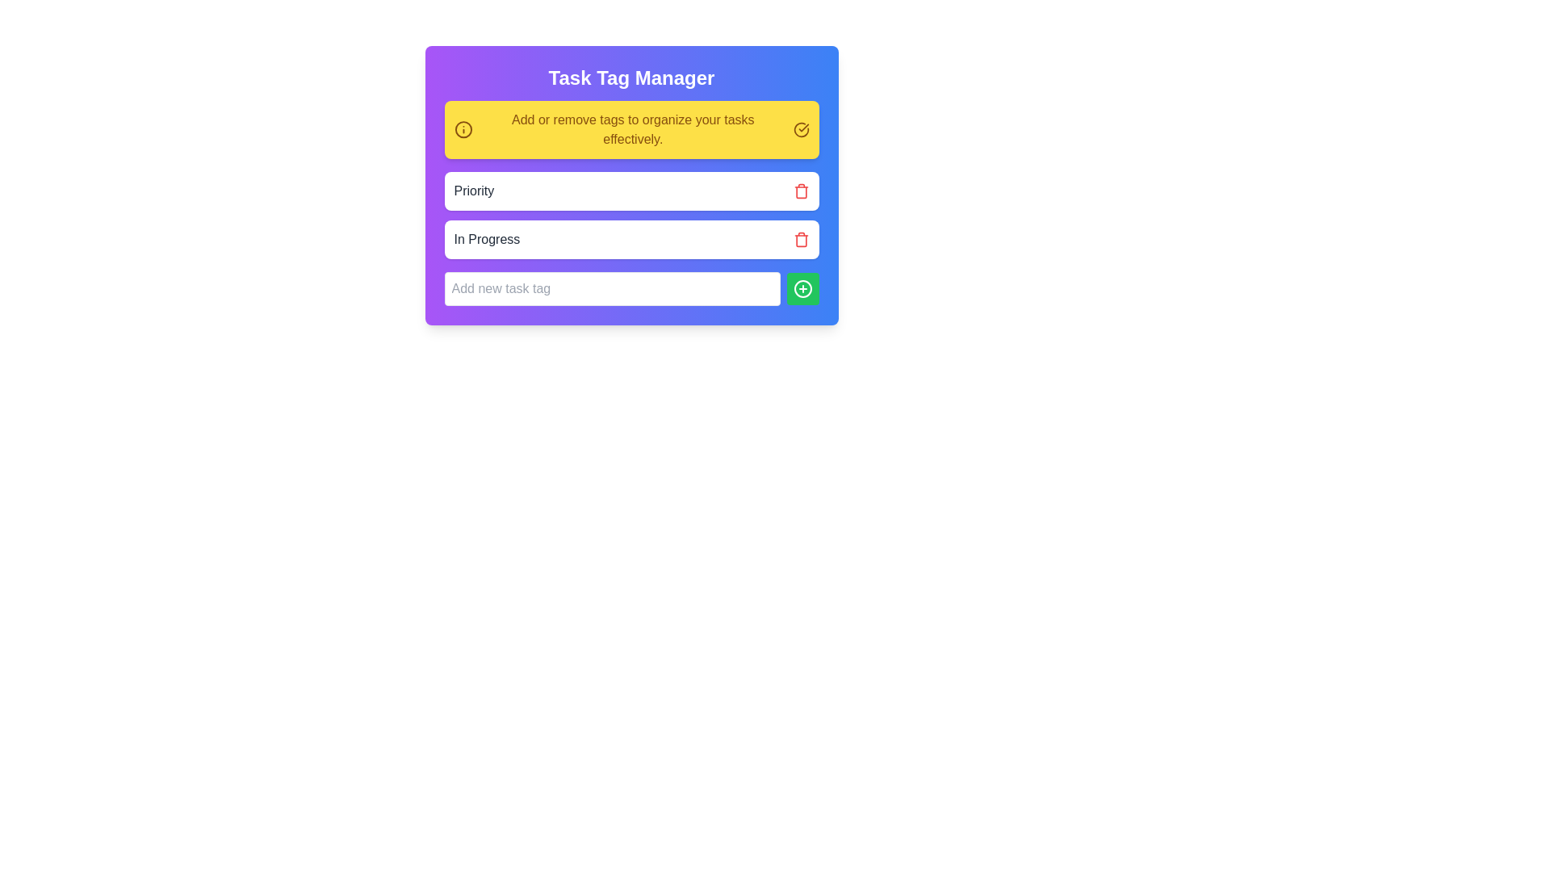 The width and height of the screenshot is (1550, 872). I want to click on the informational icon located in the upper-left corner of the notification card with a yellow background, next to the text 'Add or remove tags to organize your tasks effectively.', so click(463, 129).